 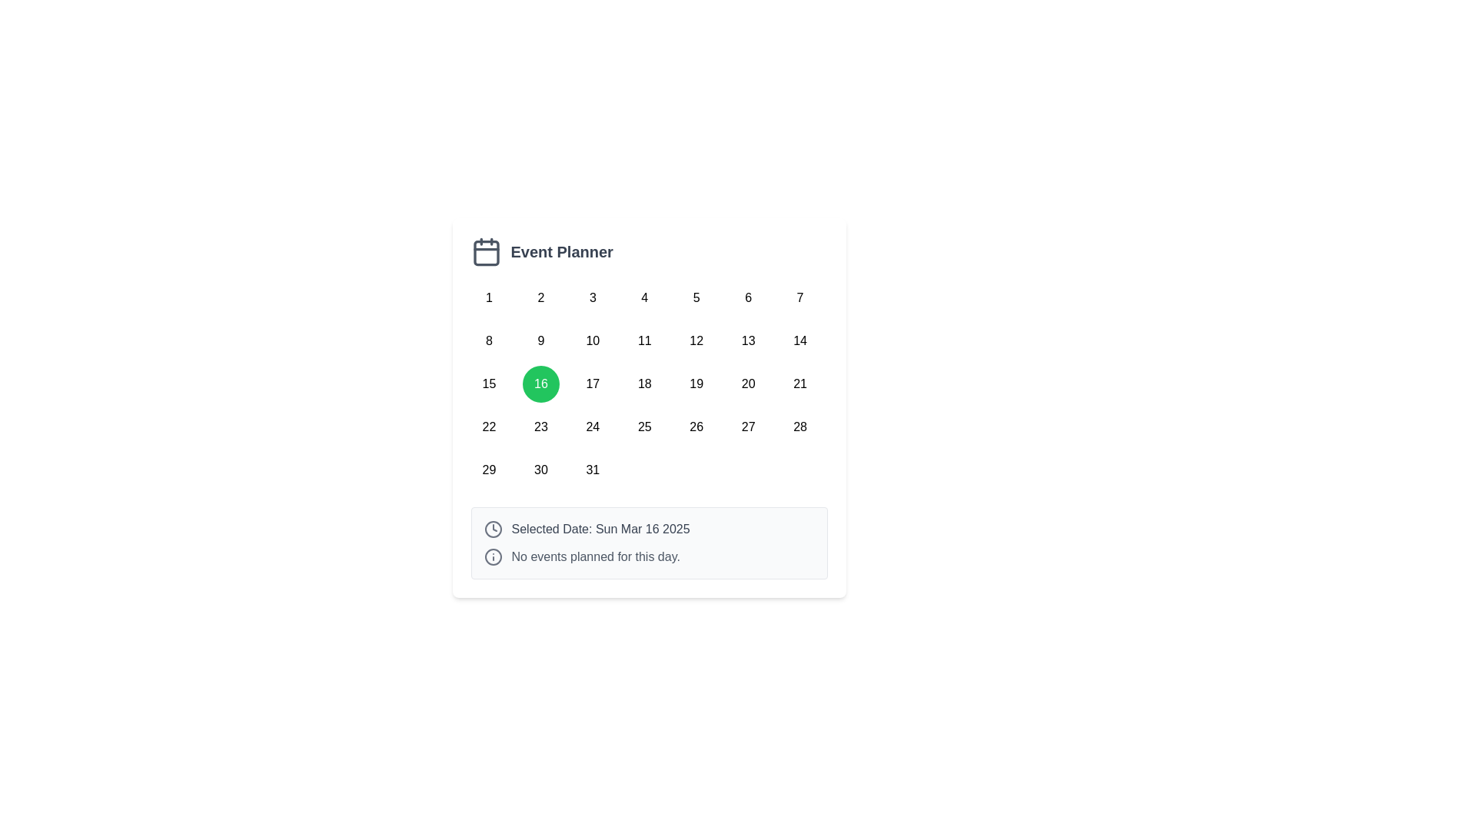 What do you see at coordinates (748, 383) in the screenshot?
I see `the button representing the 20th day of the month` at bounding box center [748, 383].